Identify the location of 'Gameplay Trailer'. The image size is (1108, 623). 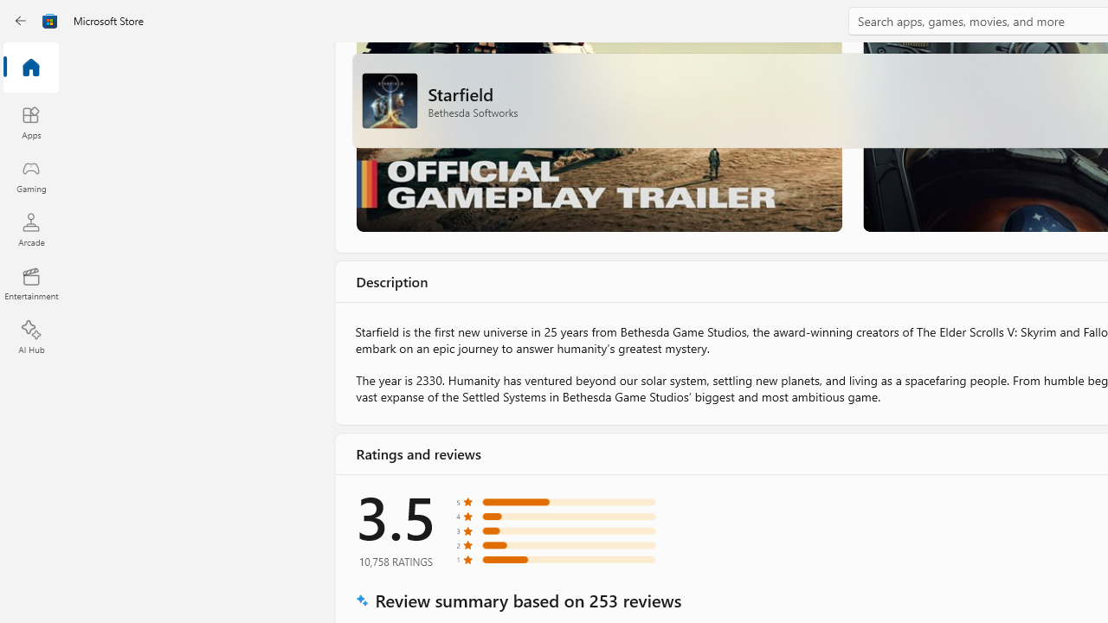
(598, 136).